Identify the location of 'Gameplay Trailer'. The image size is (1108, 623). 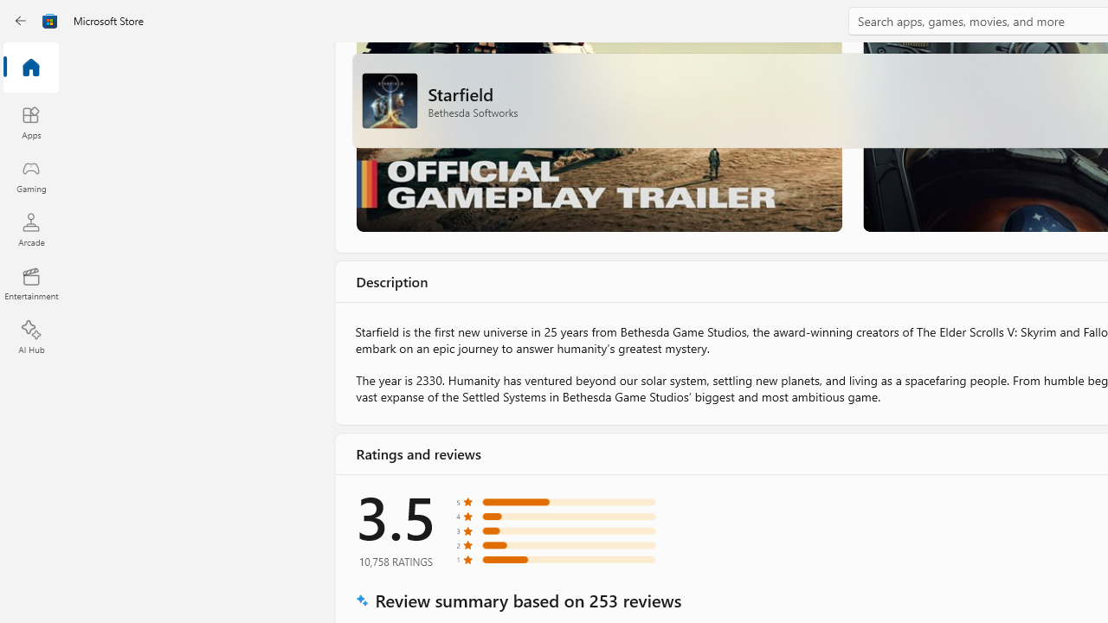
(598, 136).